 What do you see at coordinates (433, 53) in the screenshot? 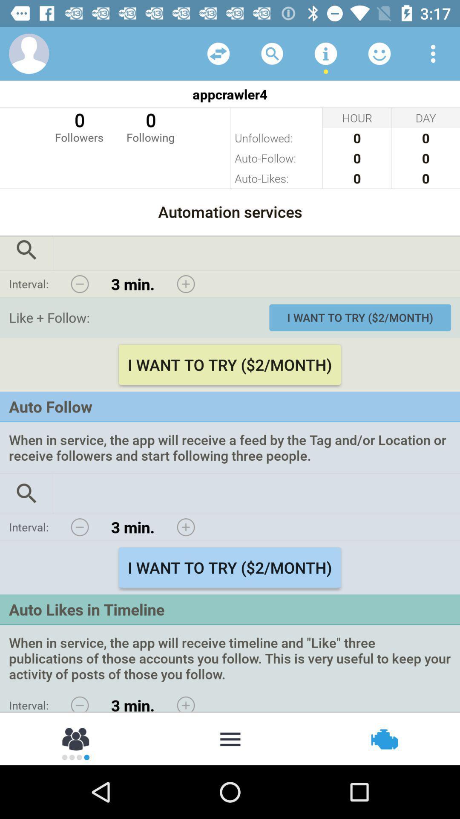
I see `choose preferred view` at bounding box center [433, 53].